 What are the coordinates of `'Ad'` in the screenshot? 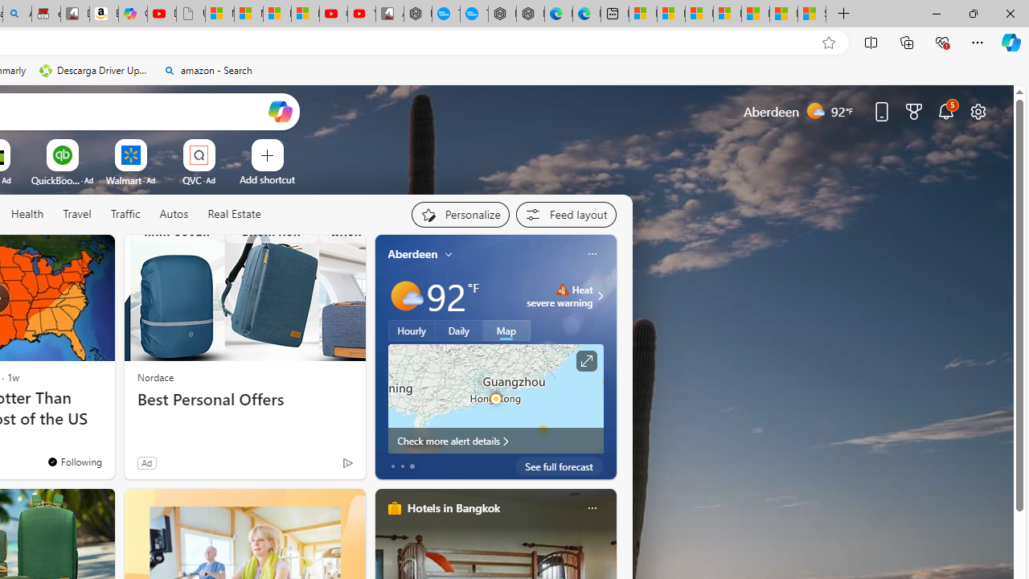 It's located at (146, 462).